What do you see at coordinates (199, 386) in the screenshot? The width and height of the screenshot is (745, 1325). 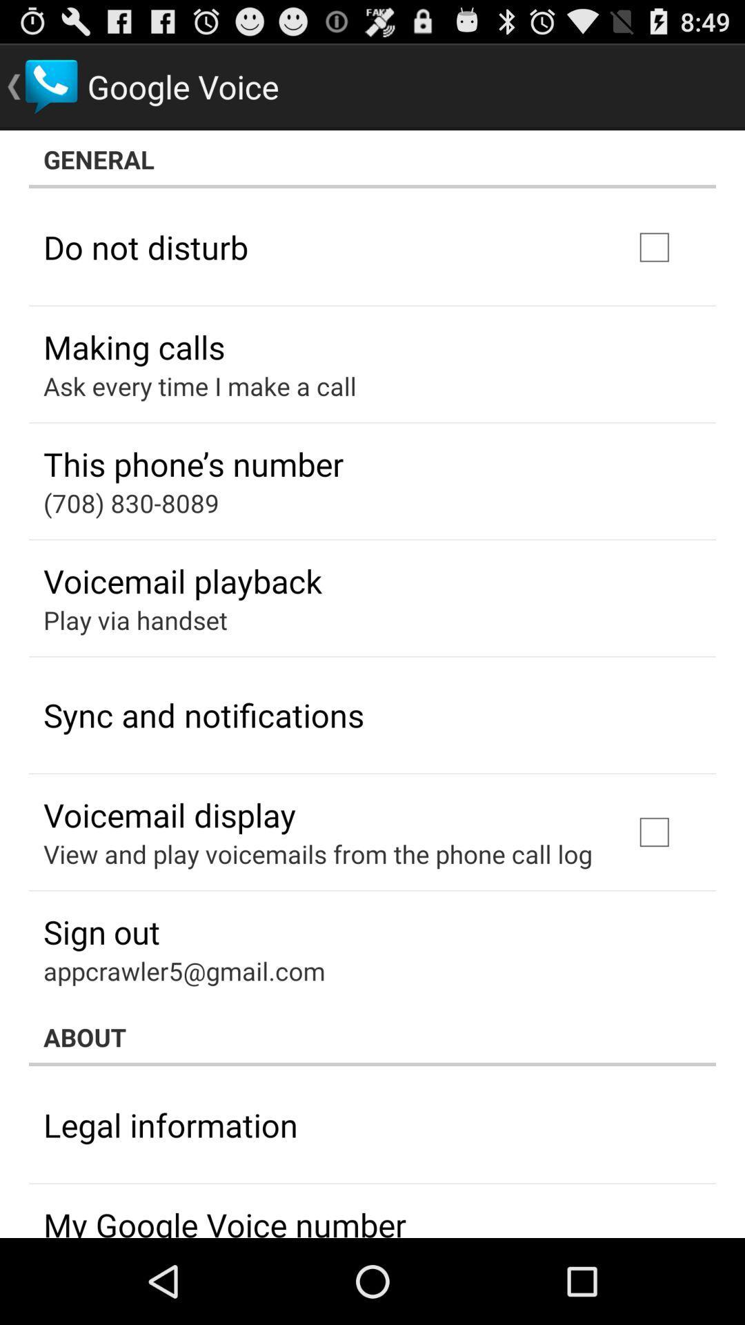 I see `ask every time app` at bounding box center [199, 386].